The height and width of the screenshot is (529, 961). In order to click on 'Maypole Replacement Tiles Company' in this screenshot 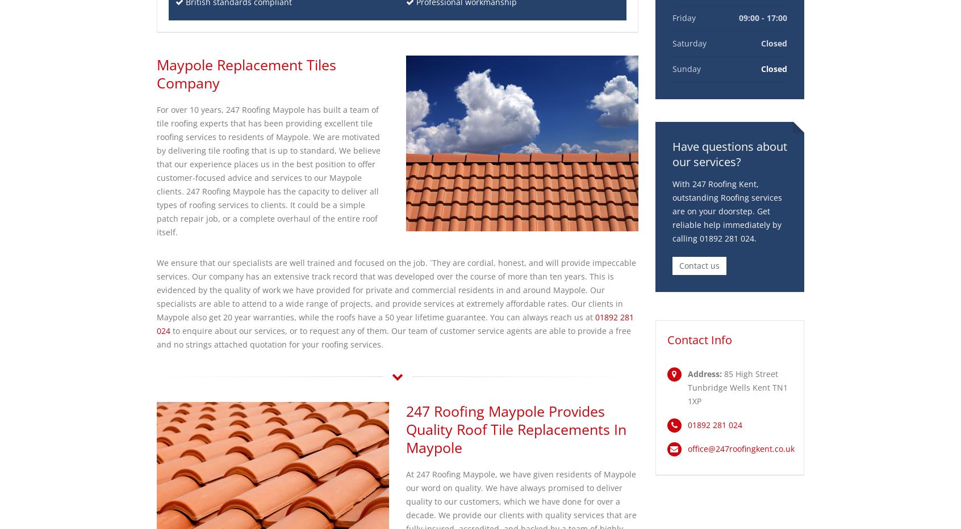, I will do `click(156, 73)`.